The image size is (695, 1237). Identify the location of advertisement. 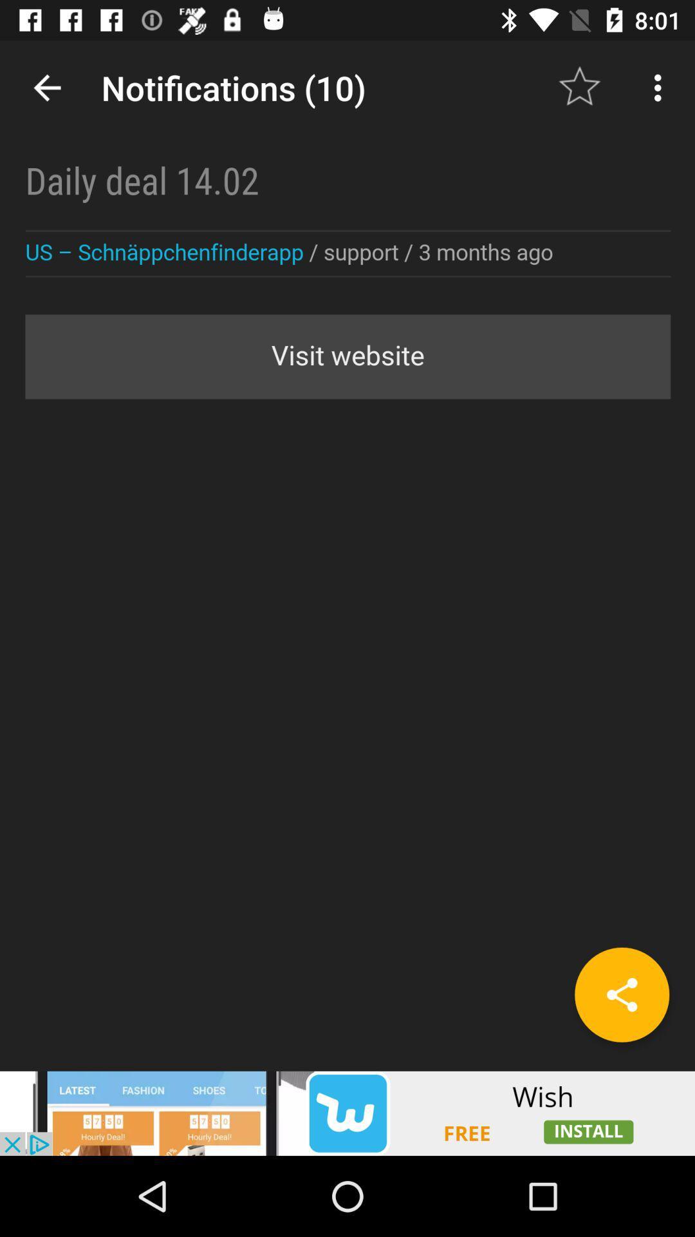
(347, 1113).